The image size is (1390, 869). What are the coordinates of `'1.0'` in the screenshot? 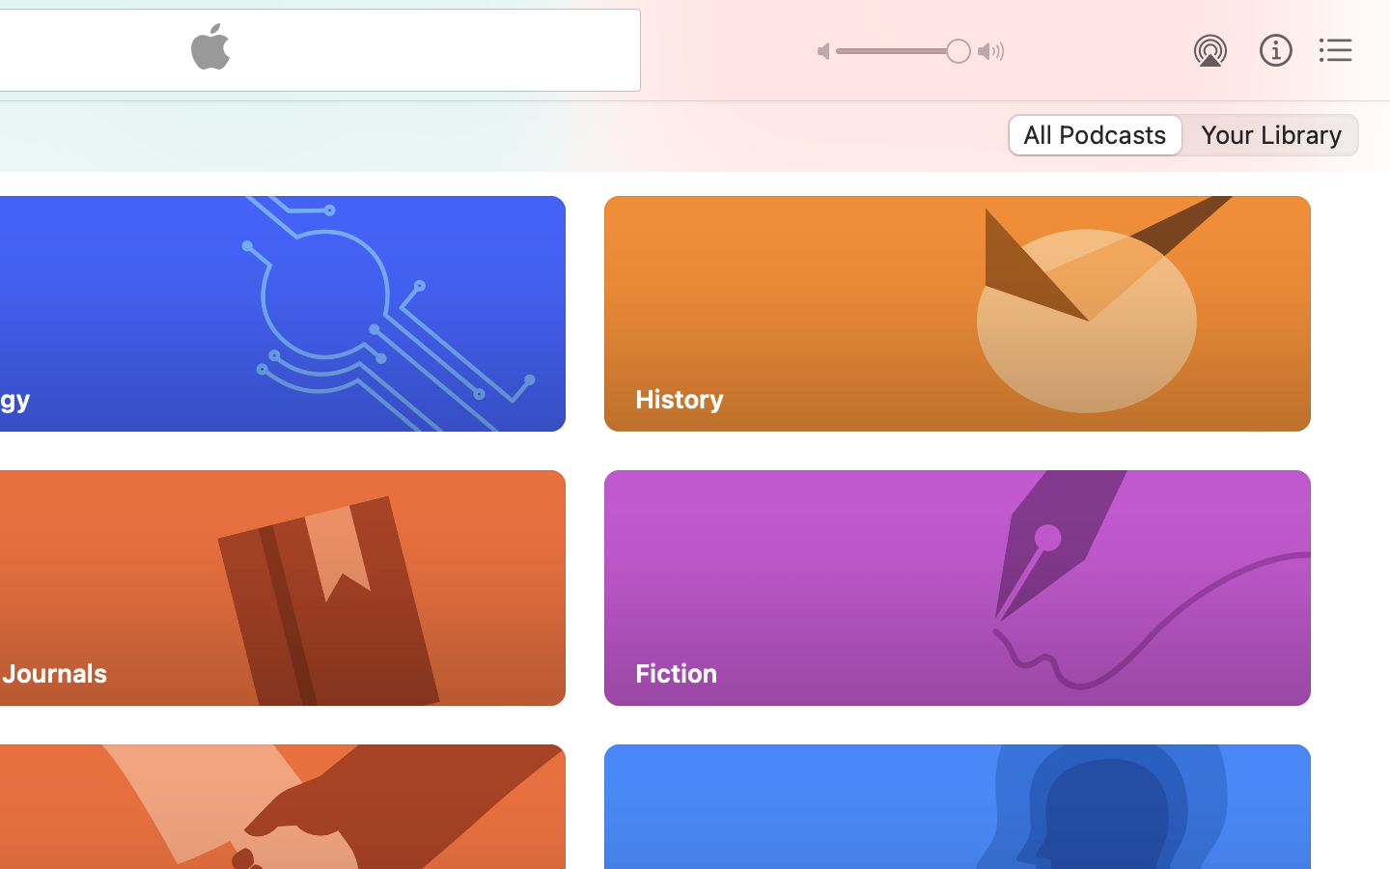 It's located at (903, 50).